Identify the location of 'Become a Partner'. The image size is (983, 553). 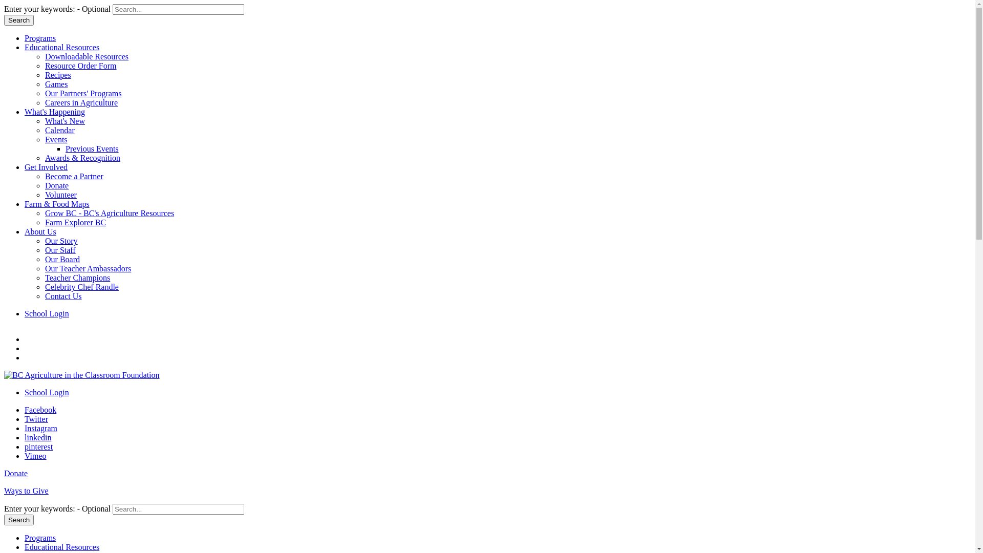
(44, 176).